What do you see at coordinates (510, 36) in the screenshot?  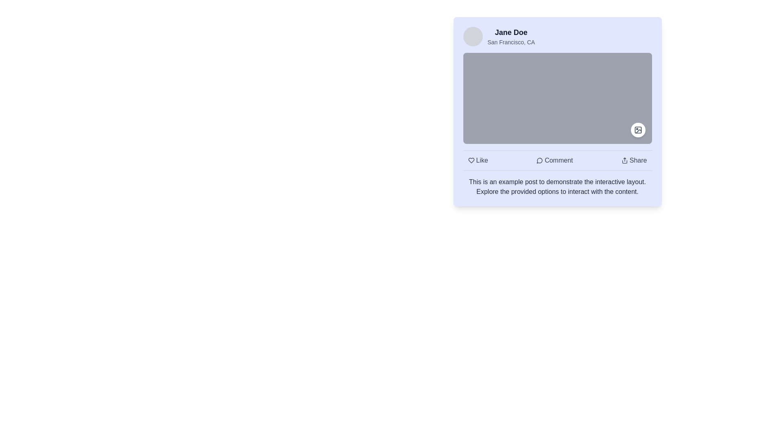 I see `the text block that represents a user or entity, displaying their name and location, located at the top-left corner of a card-like component, to the right of a circular avatar` at bounding box center [510, 36].